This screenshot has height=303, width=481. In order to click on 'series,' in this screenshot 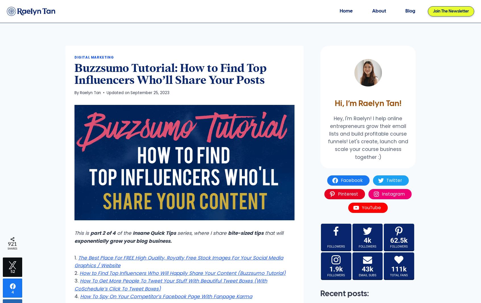, I will do `click(185, 233)`.